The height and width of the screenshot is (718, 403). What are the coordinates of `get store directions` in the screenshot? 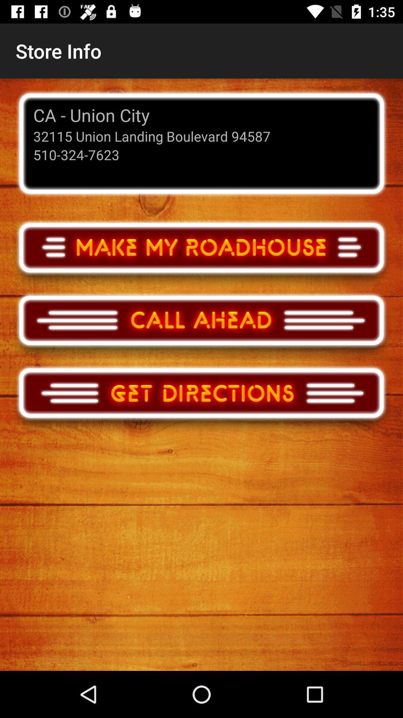 It's located at (201, 399).